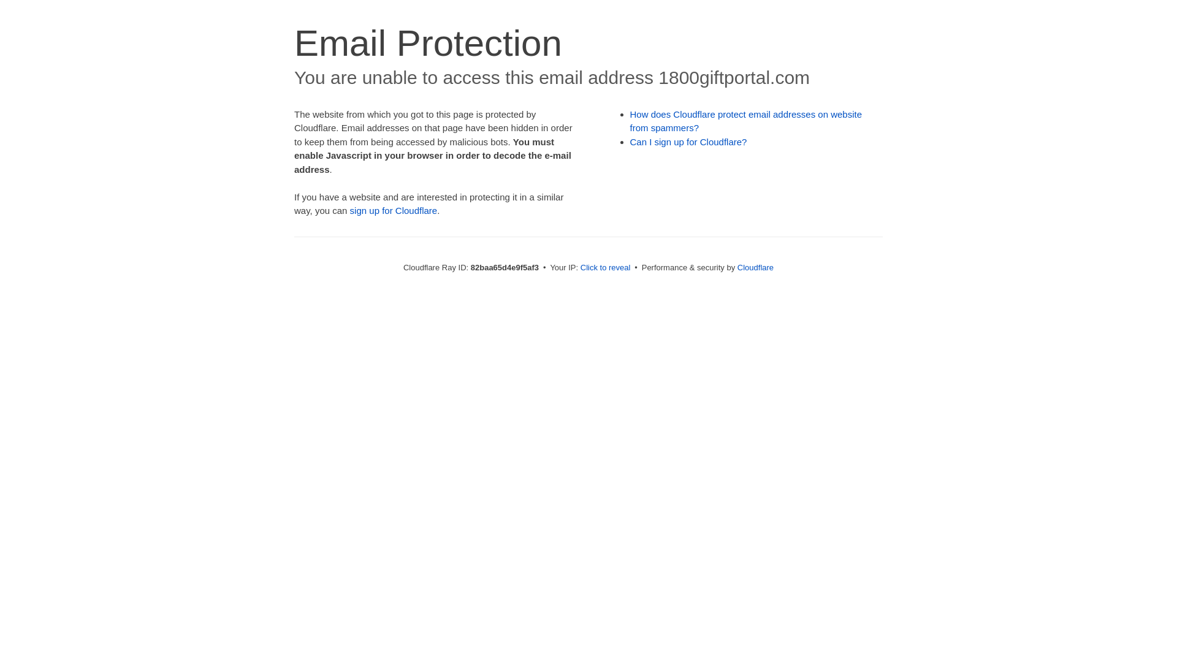  I want to click on 'sign up for Cloudflare', so click(394, 210).